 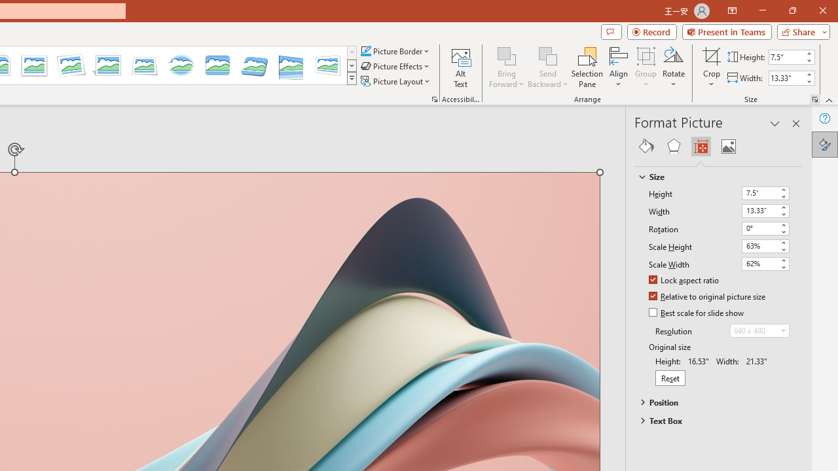 What do you see at coordinates (395, 50) in the screenshot?
I see `'Picture Border'` at bounding box center [395, 50].